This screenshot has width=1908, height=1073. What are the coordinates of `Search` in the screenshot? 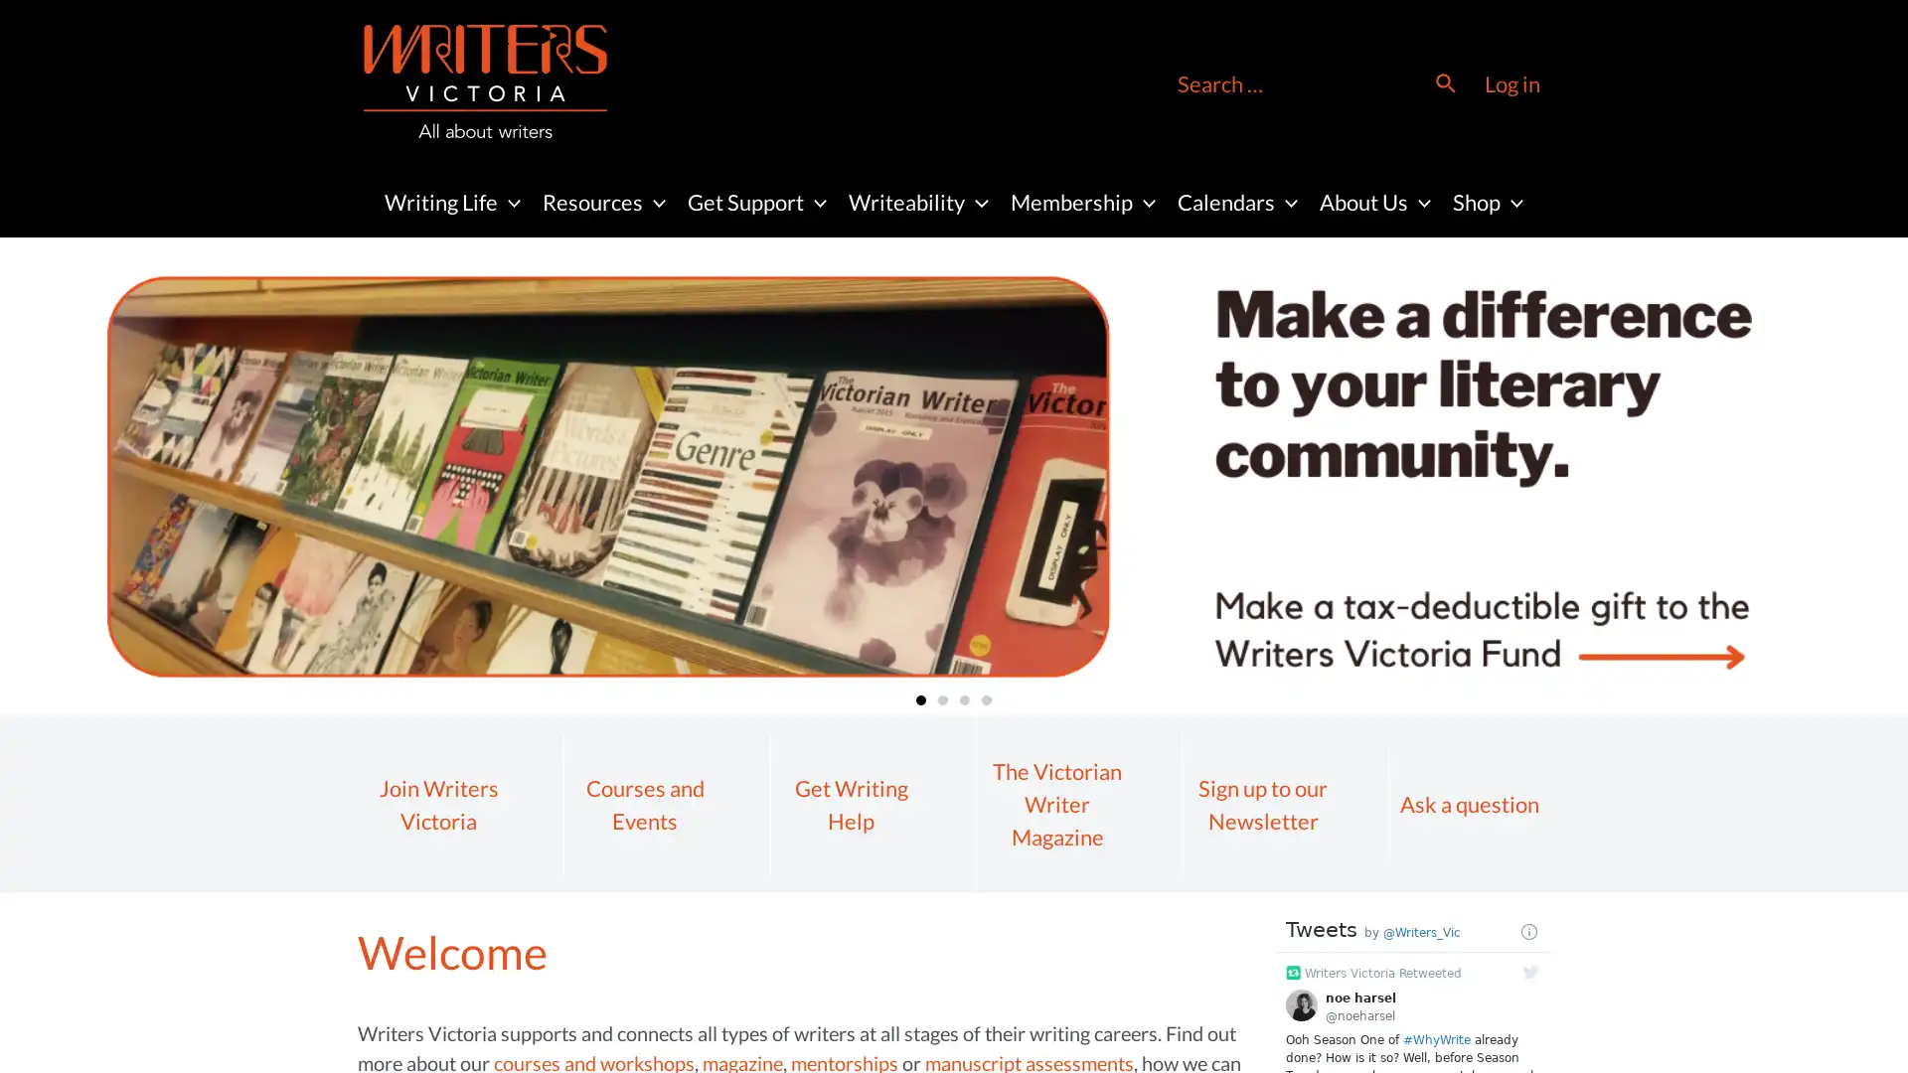 It's located at (1446, 82).